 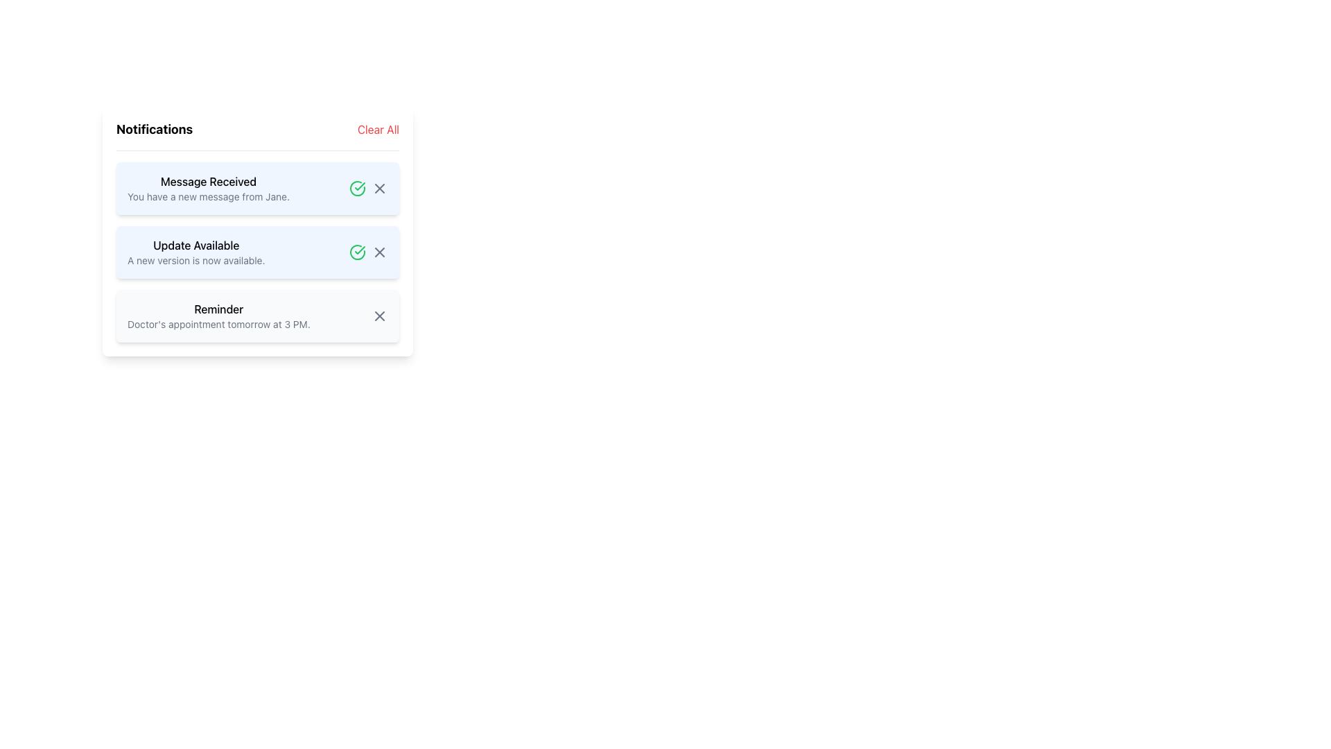 I want to click on the cross mark icon button next to the 'Message Received' notification, so click(x=379, y=189).